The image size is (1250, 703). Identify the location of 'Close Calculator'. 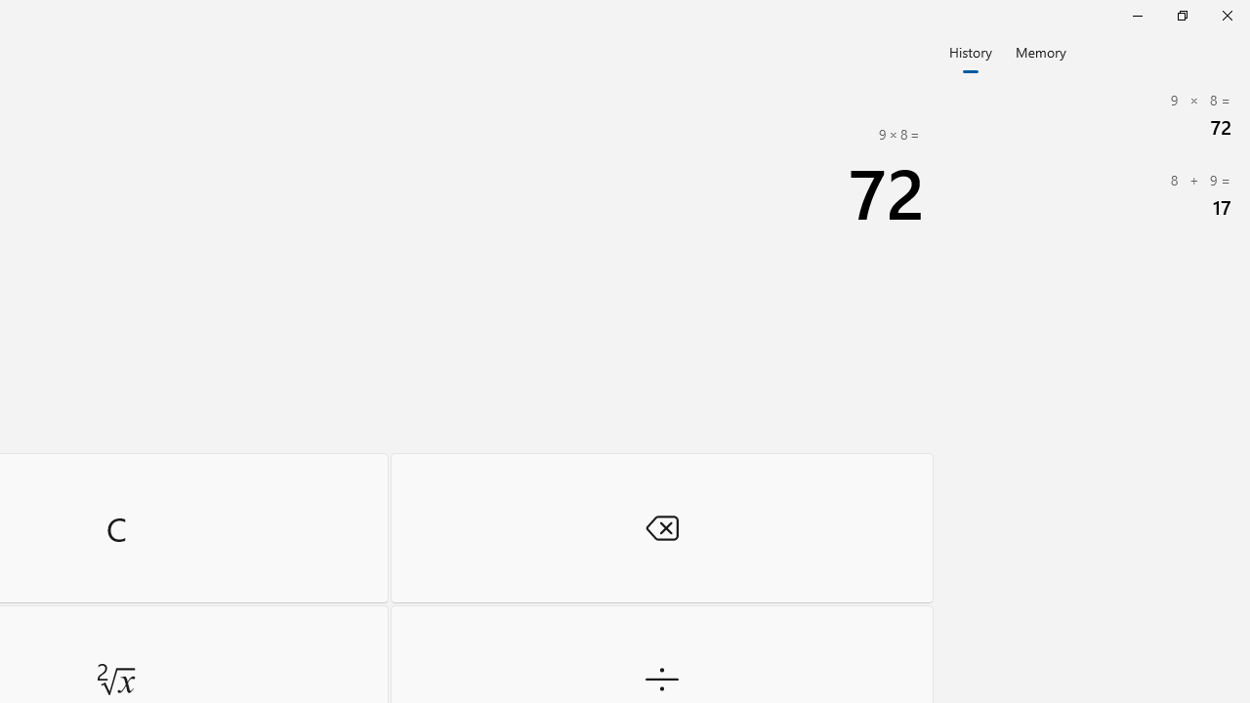
(1226, 15).